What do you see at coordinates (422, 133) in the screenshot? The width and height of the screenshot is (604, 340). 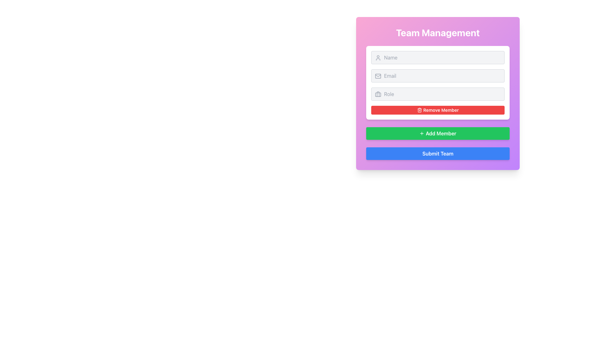 I see `the plus icon, which features a green background and white lines, located to the left of the 'Add Member' button` at bounding box center [422, 133].